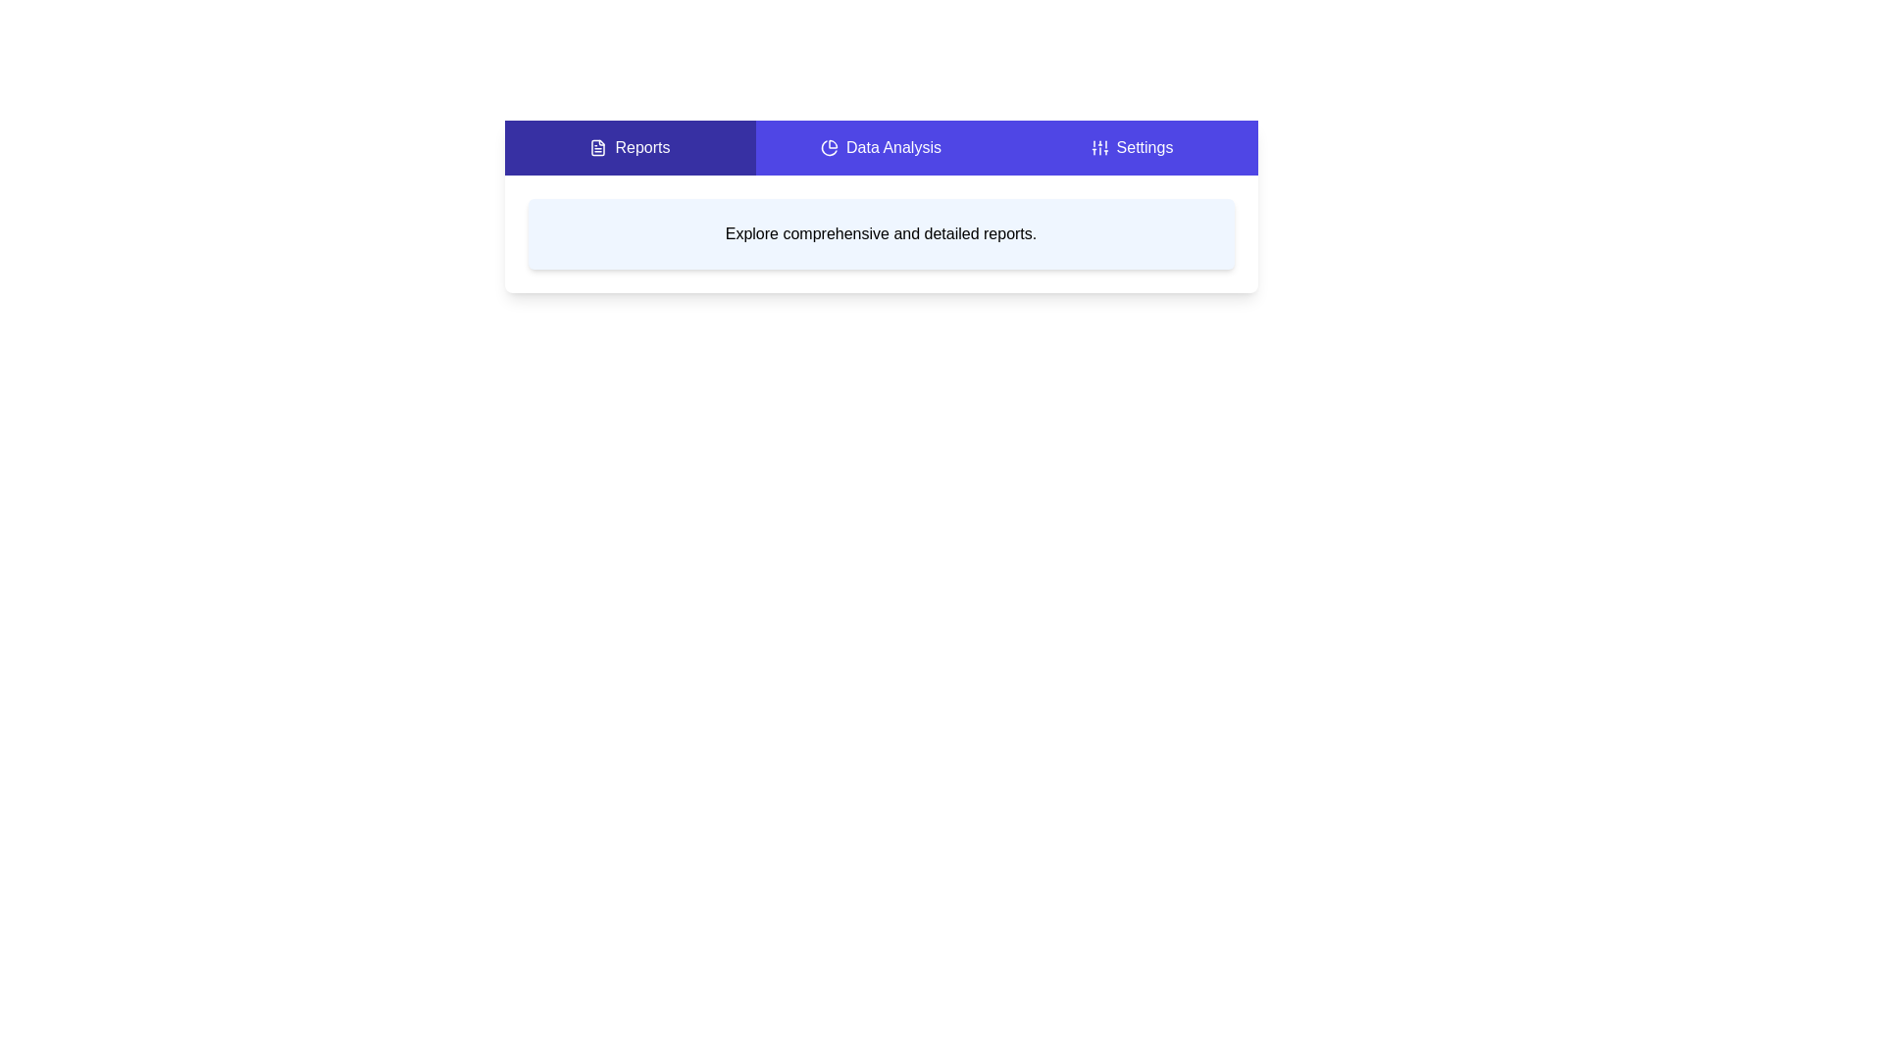  Describe the element at coordinates (1132, 146) in the screenshot. I see `the Settings tab to view its content` at that location.